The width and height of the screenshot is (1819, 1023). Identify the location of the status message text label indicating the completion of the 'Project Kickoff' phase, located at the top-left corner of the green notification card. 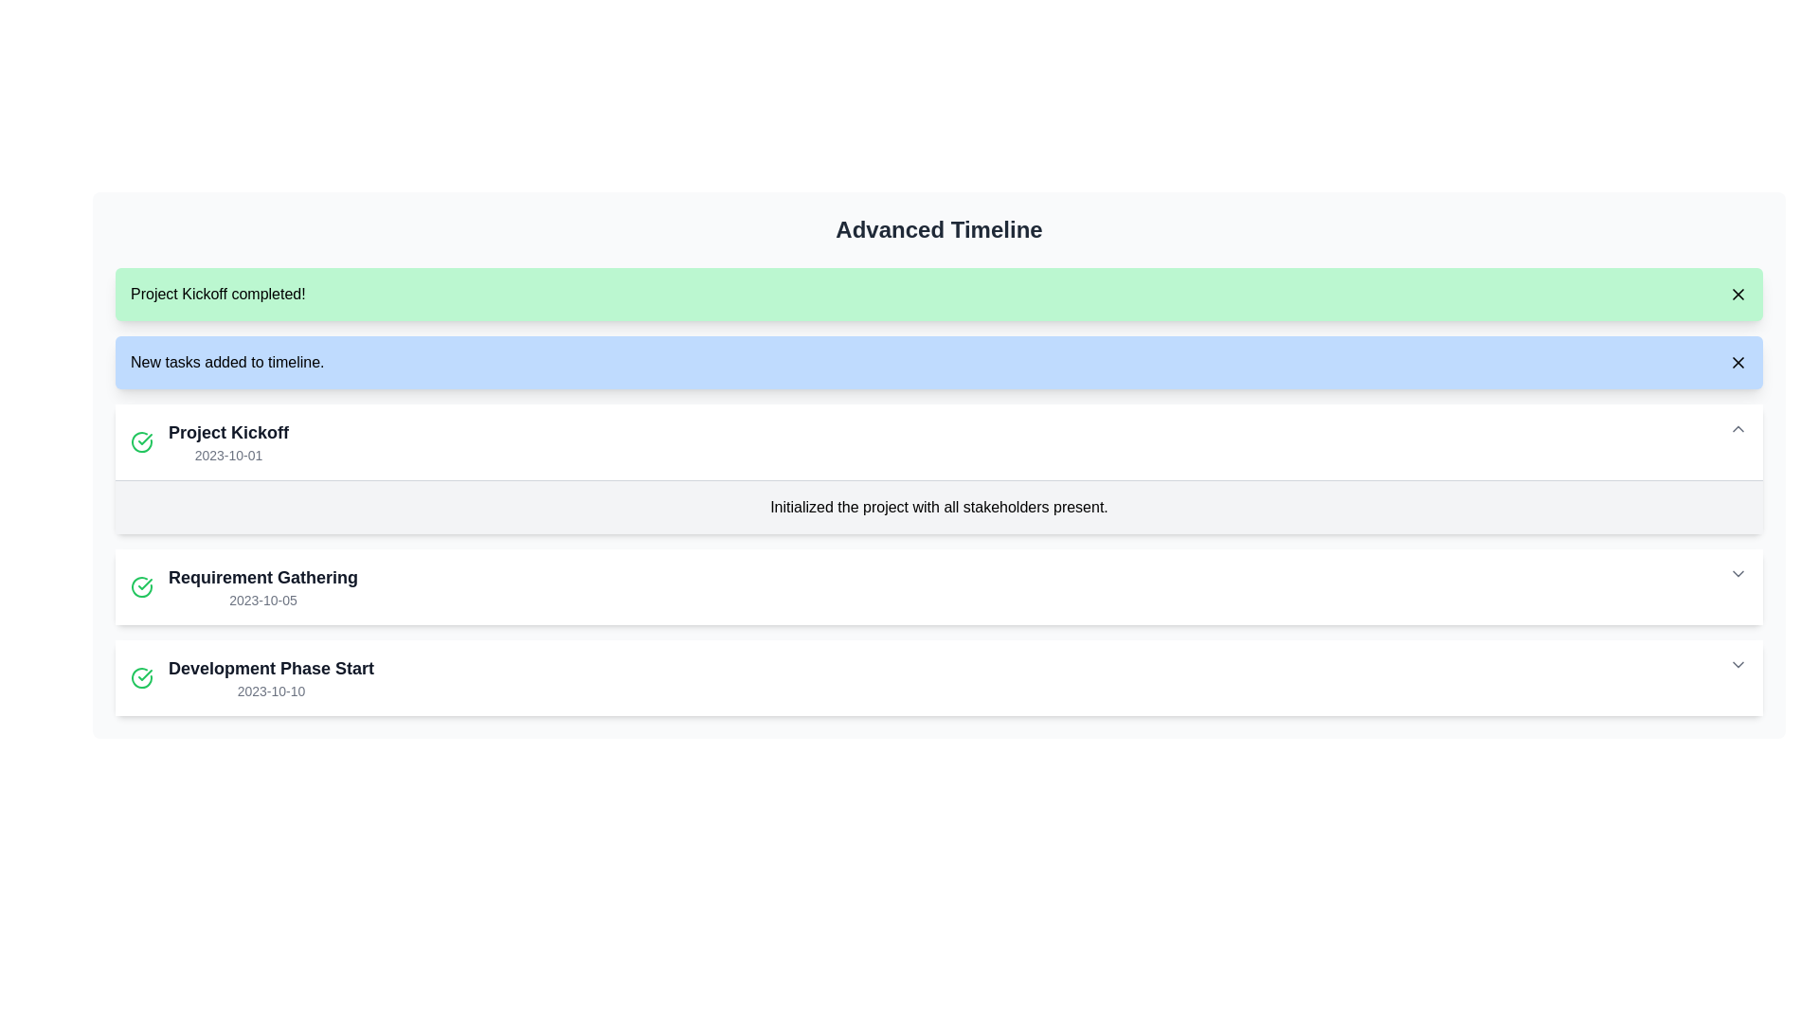
(218, 295).